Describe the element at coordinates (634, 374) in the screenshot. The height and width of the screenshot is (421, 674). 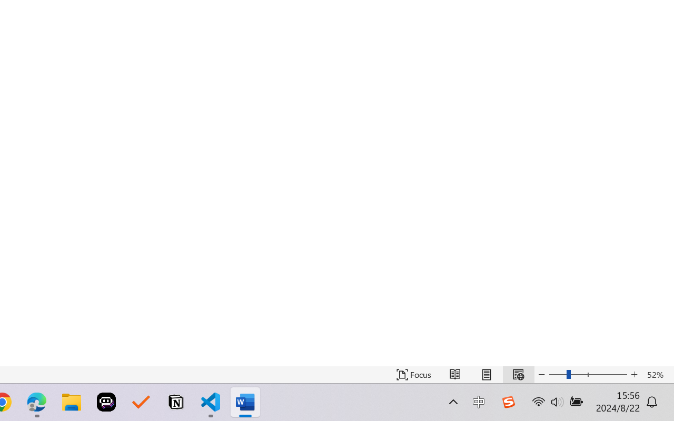
I see `'Zoom In'` at that location.